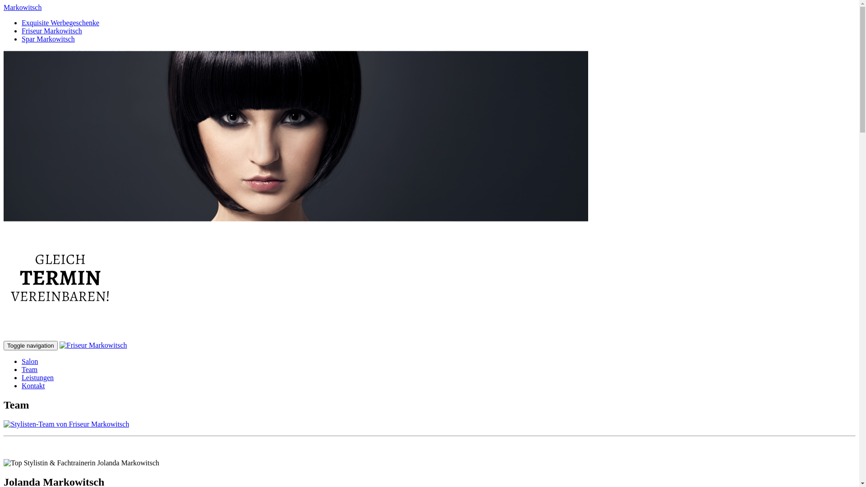 The width and height of the screenshot is (866, 487). Describe the element at coordinates (47, 38) in the screenshot. I see `'Spar Markowitsch'` at that location.